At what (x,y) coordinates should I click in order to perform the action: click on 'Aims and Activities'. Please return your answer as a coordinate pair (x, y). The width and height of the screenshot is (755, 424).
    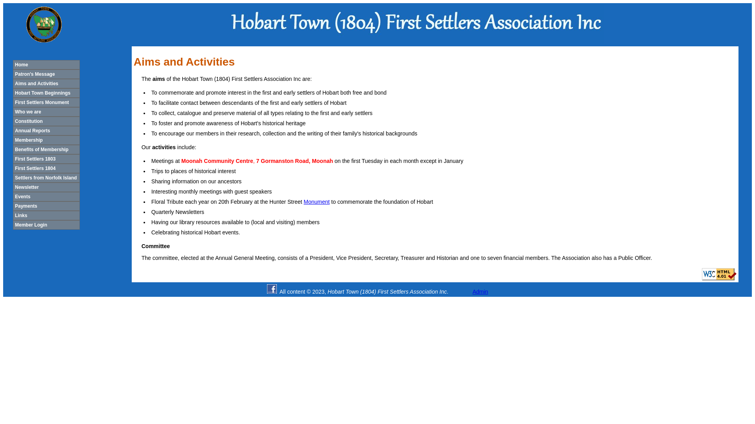
    Looking at the image, I should click on (46, 83).